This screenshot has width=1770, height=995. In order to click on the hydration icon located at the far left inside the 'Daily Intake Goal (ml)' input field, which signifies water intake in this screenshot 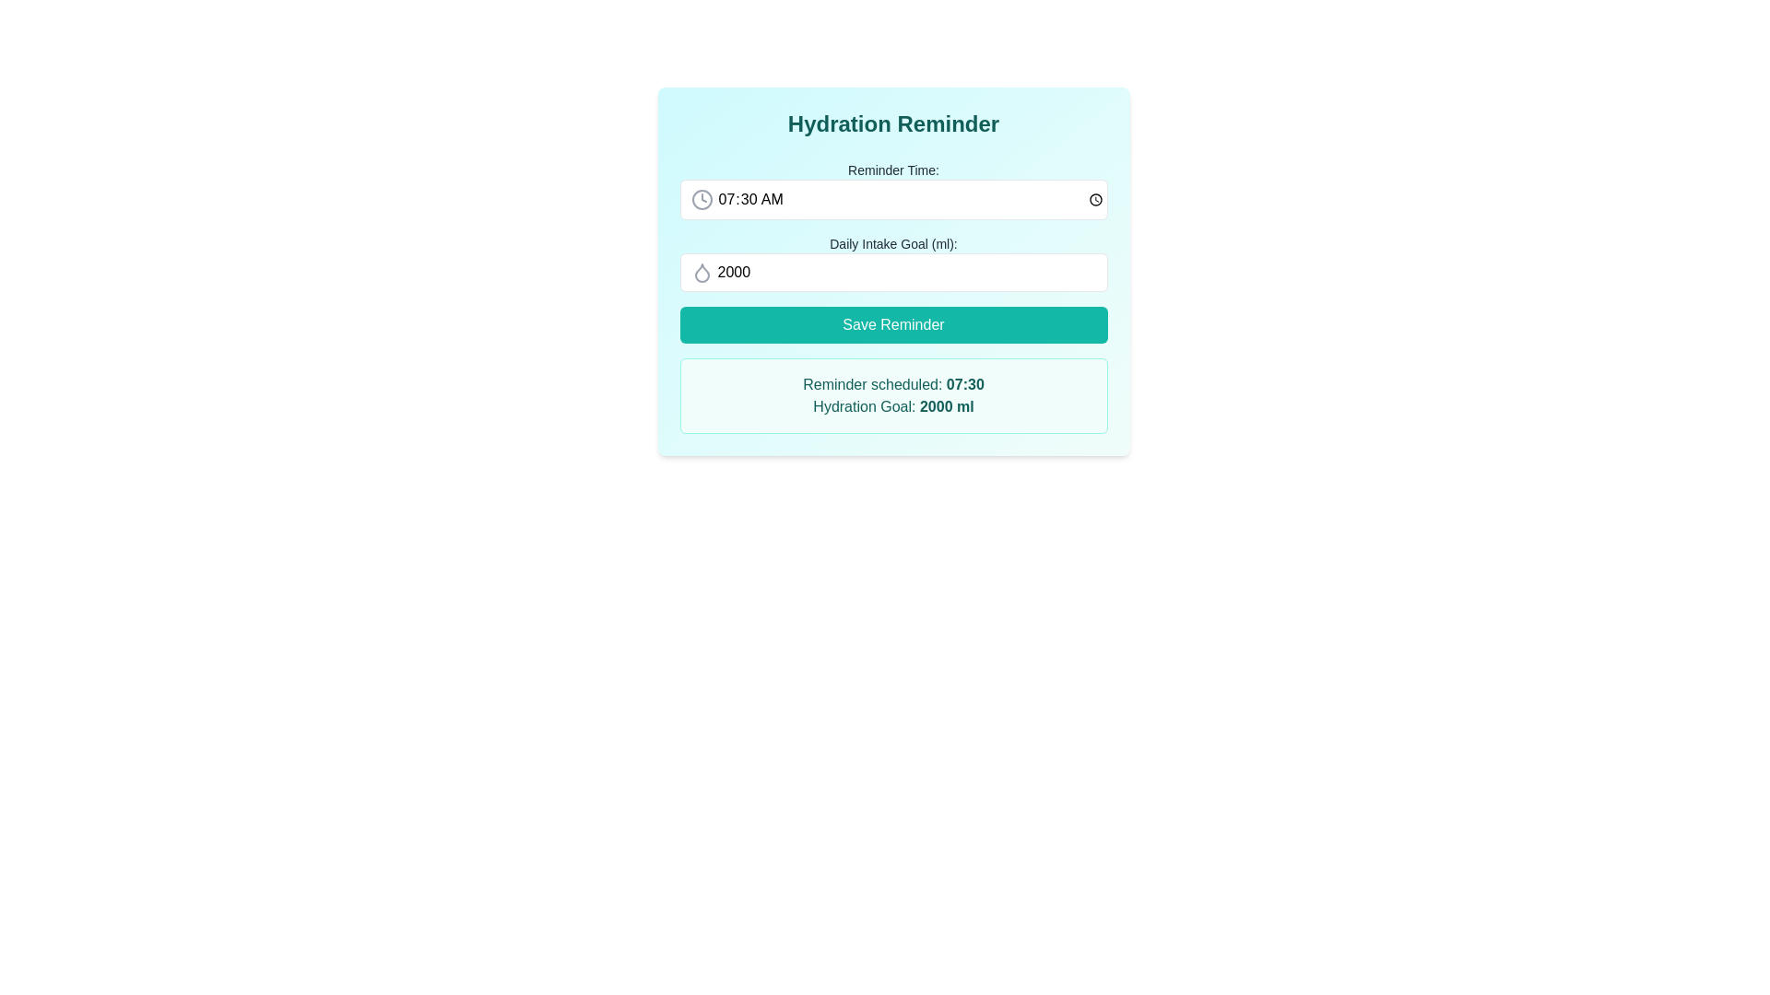, I will do `click(701, 273)`.